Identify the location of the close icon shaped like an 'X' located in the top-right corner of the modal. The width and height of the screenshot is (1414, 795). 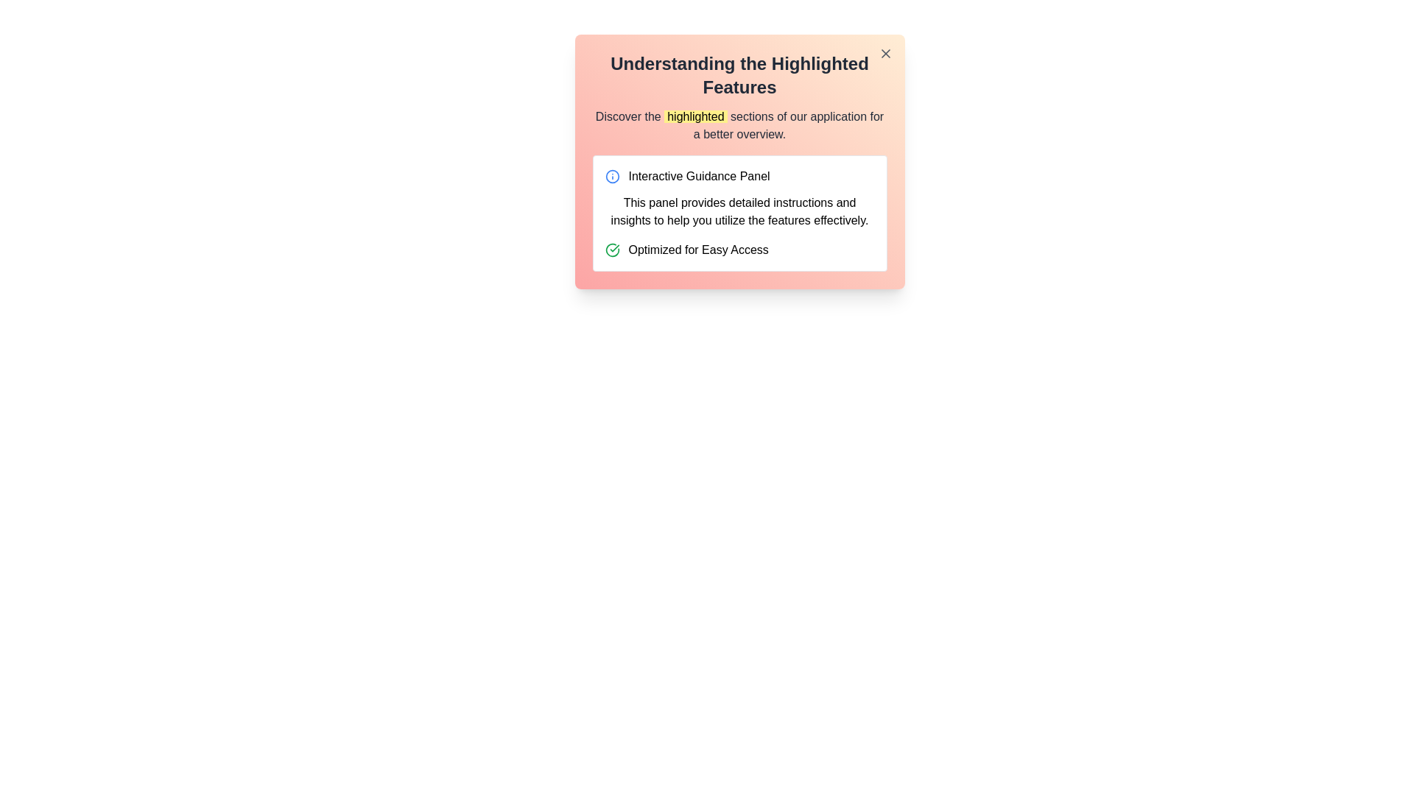
(884, 53).